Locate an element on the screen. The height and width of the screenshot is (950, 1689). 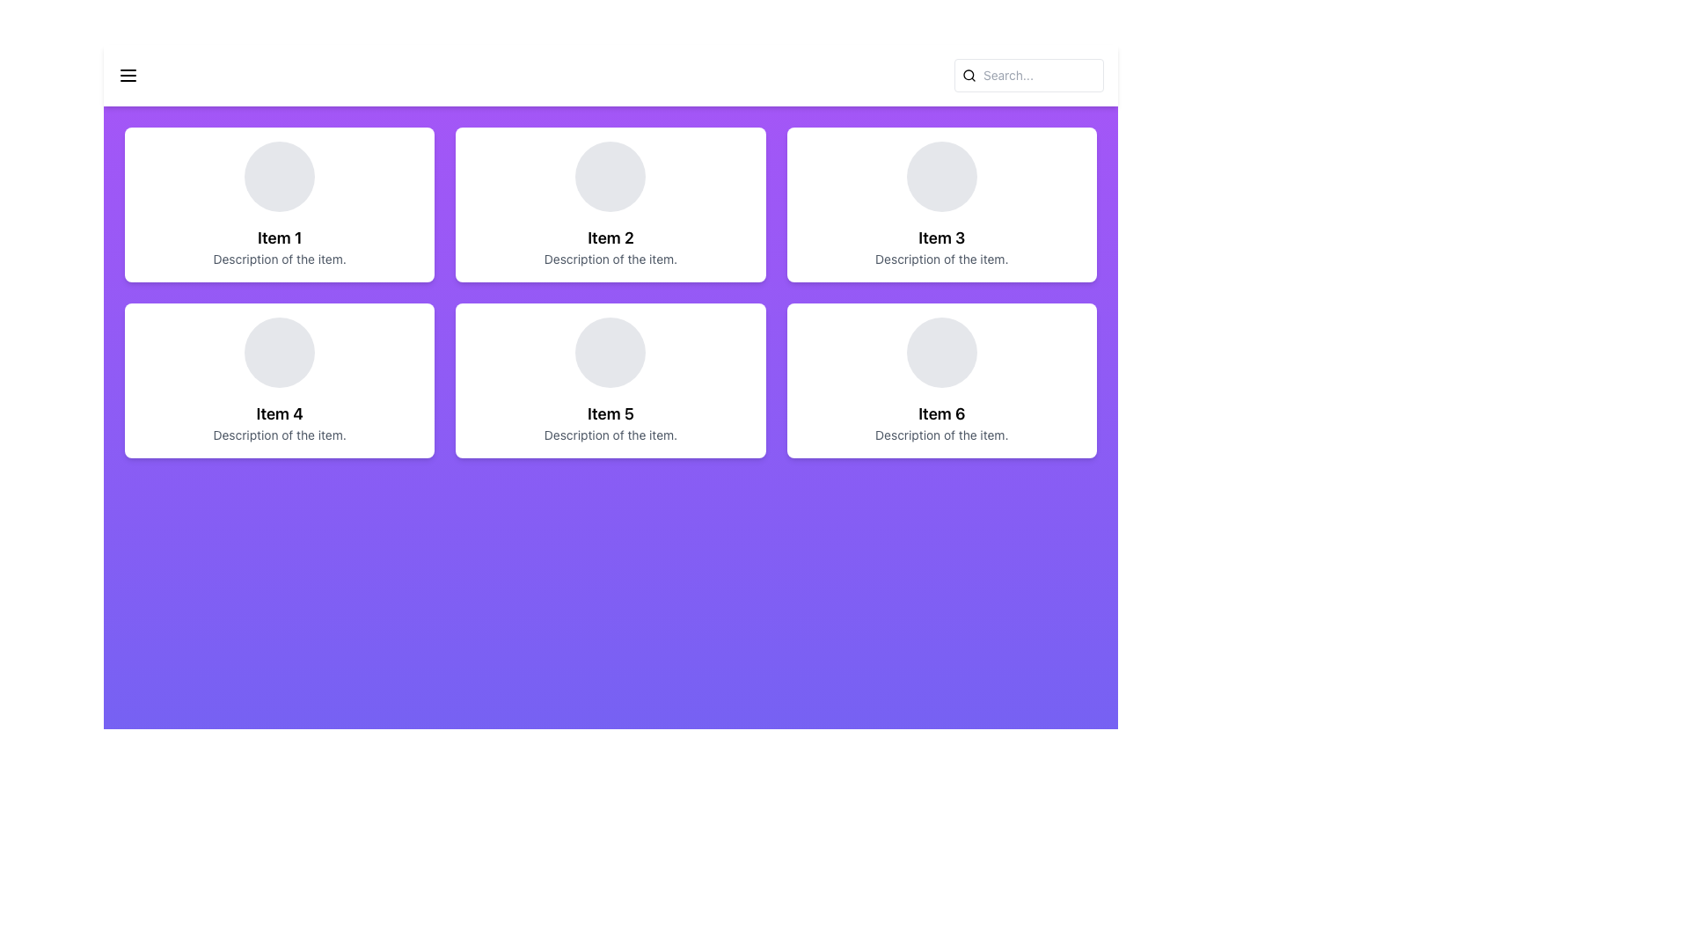
the heading text label displaying 'Item 3' to highlight it is located at coordinates (940, 237).